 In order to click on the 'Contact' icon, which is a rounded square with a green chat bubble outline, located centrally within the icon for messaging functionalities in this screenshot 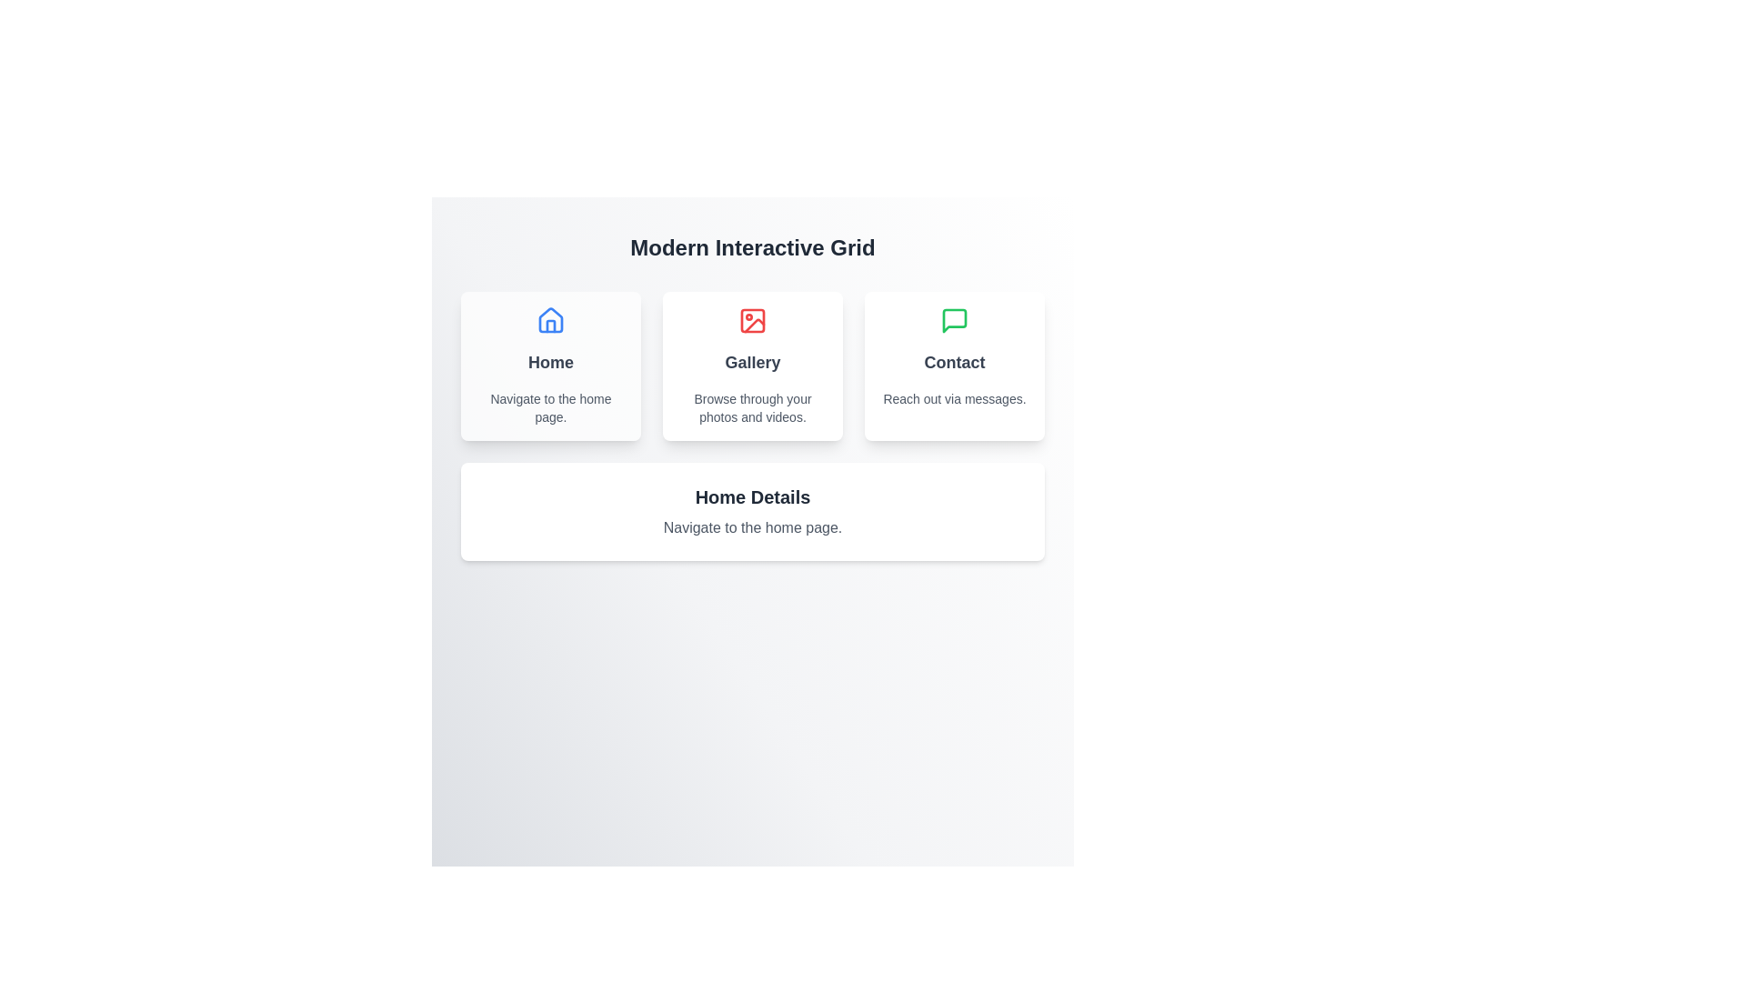, I will do `click(954, 320)`.